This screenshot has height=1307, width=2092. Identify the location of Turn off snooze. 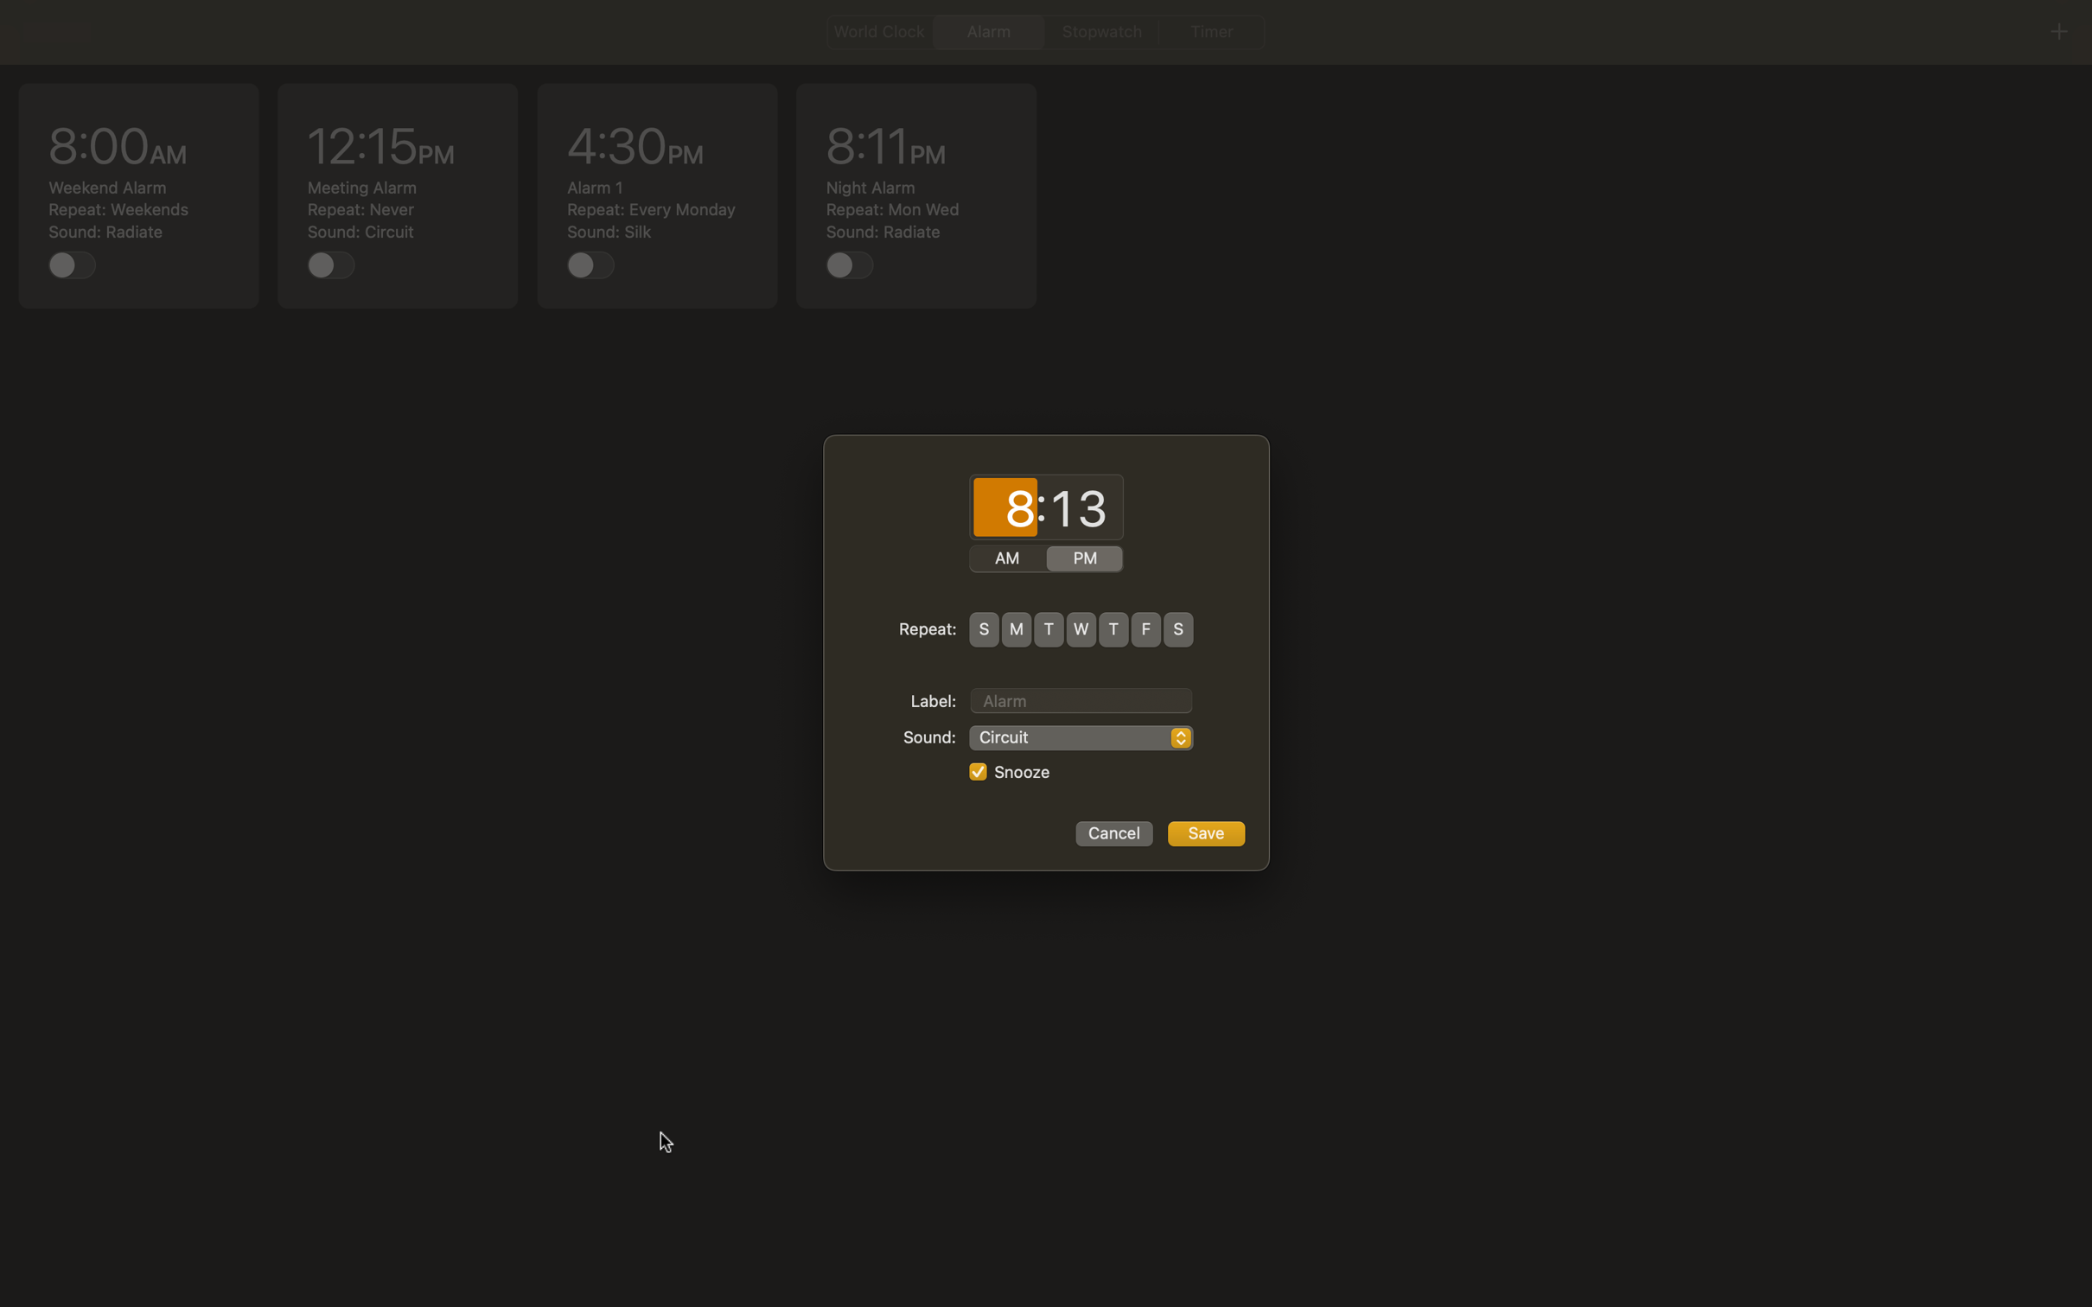
(976, 772).